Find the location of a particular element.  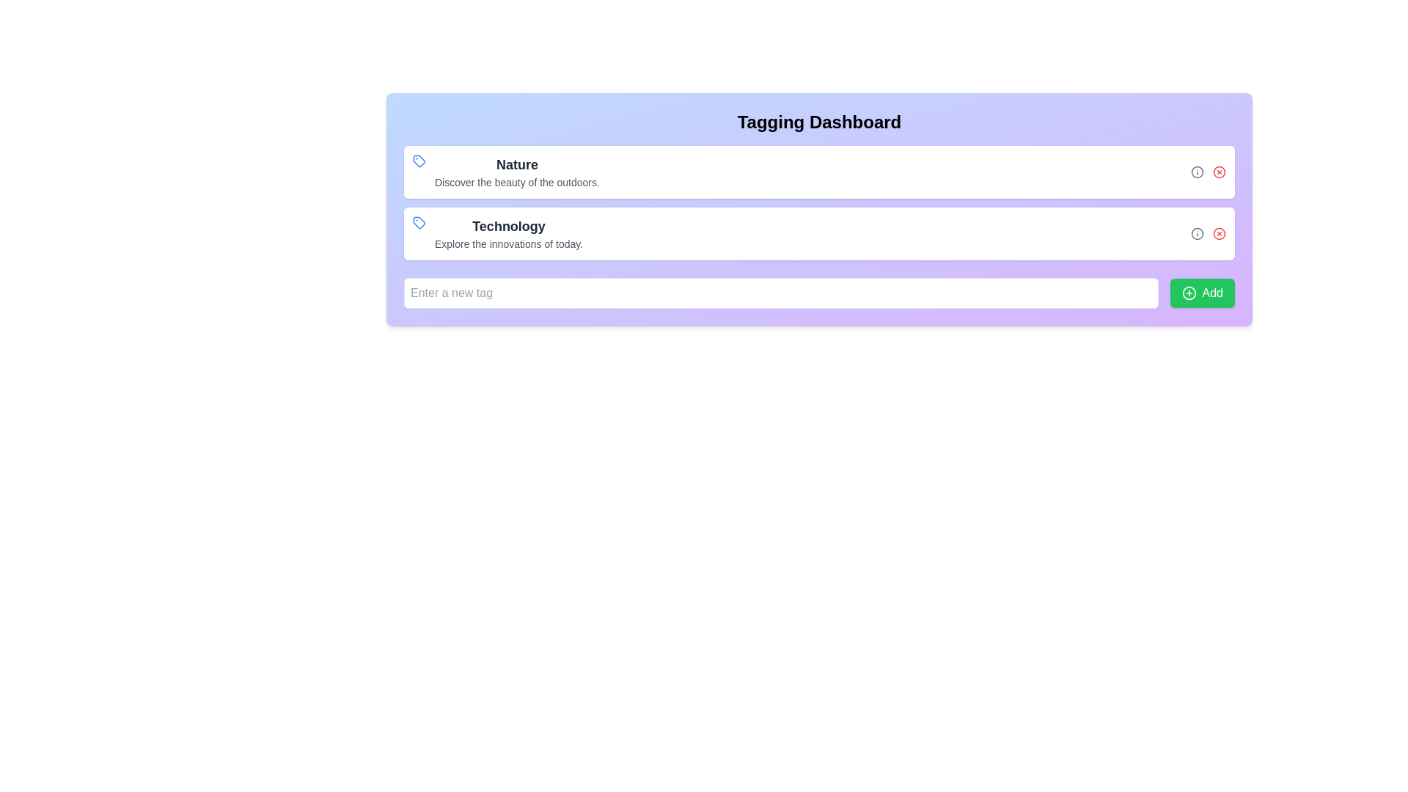

the 'Nature' text block with icon at the top of the list is located at coordinates (506, 172).